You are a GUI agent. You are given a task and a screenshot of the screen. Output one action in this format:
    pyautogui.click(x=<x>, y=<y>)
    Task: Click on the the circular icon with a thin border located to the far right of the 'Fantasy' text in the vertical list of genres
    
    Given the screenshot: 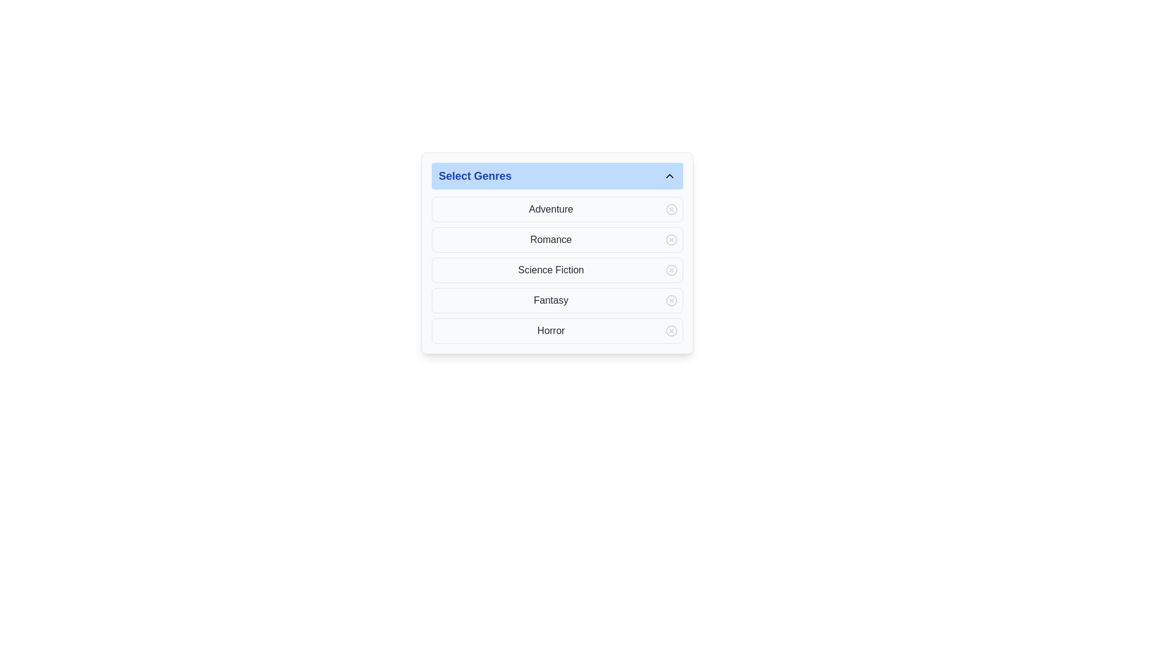 What is the action you would take?
    pyautogui.click(x=670, y=300)
    